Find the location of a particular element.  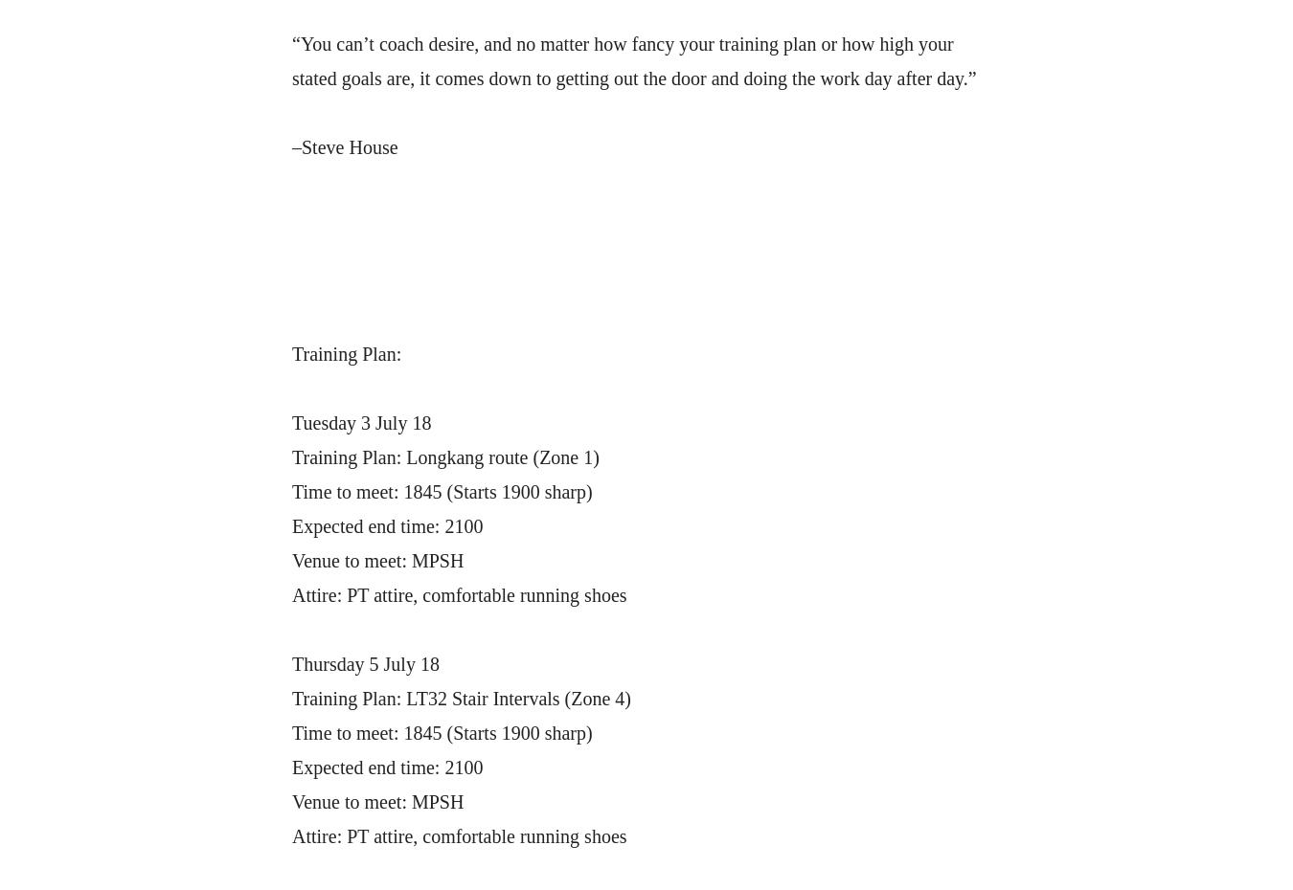

'–Steve House' is located at coordinates (345, 147).